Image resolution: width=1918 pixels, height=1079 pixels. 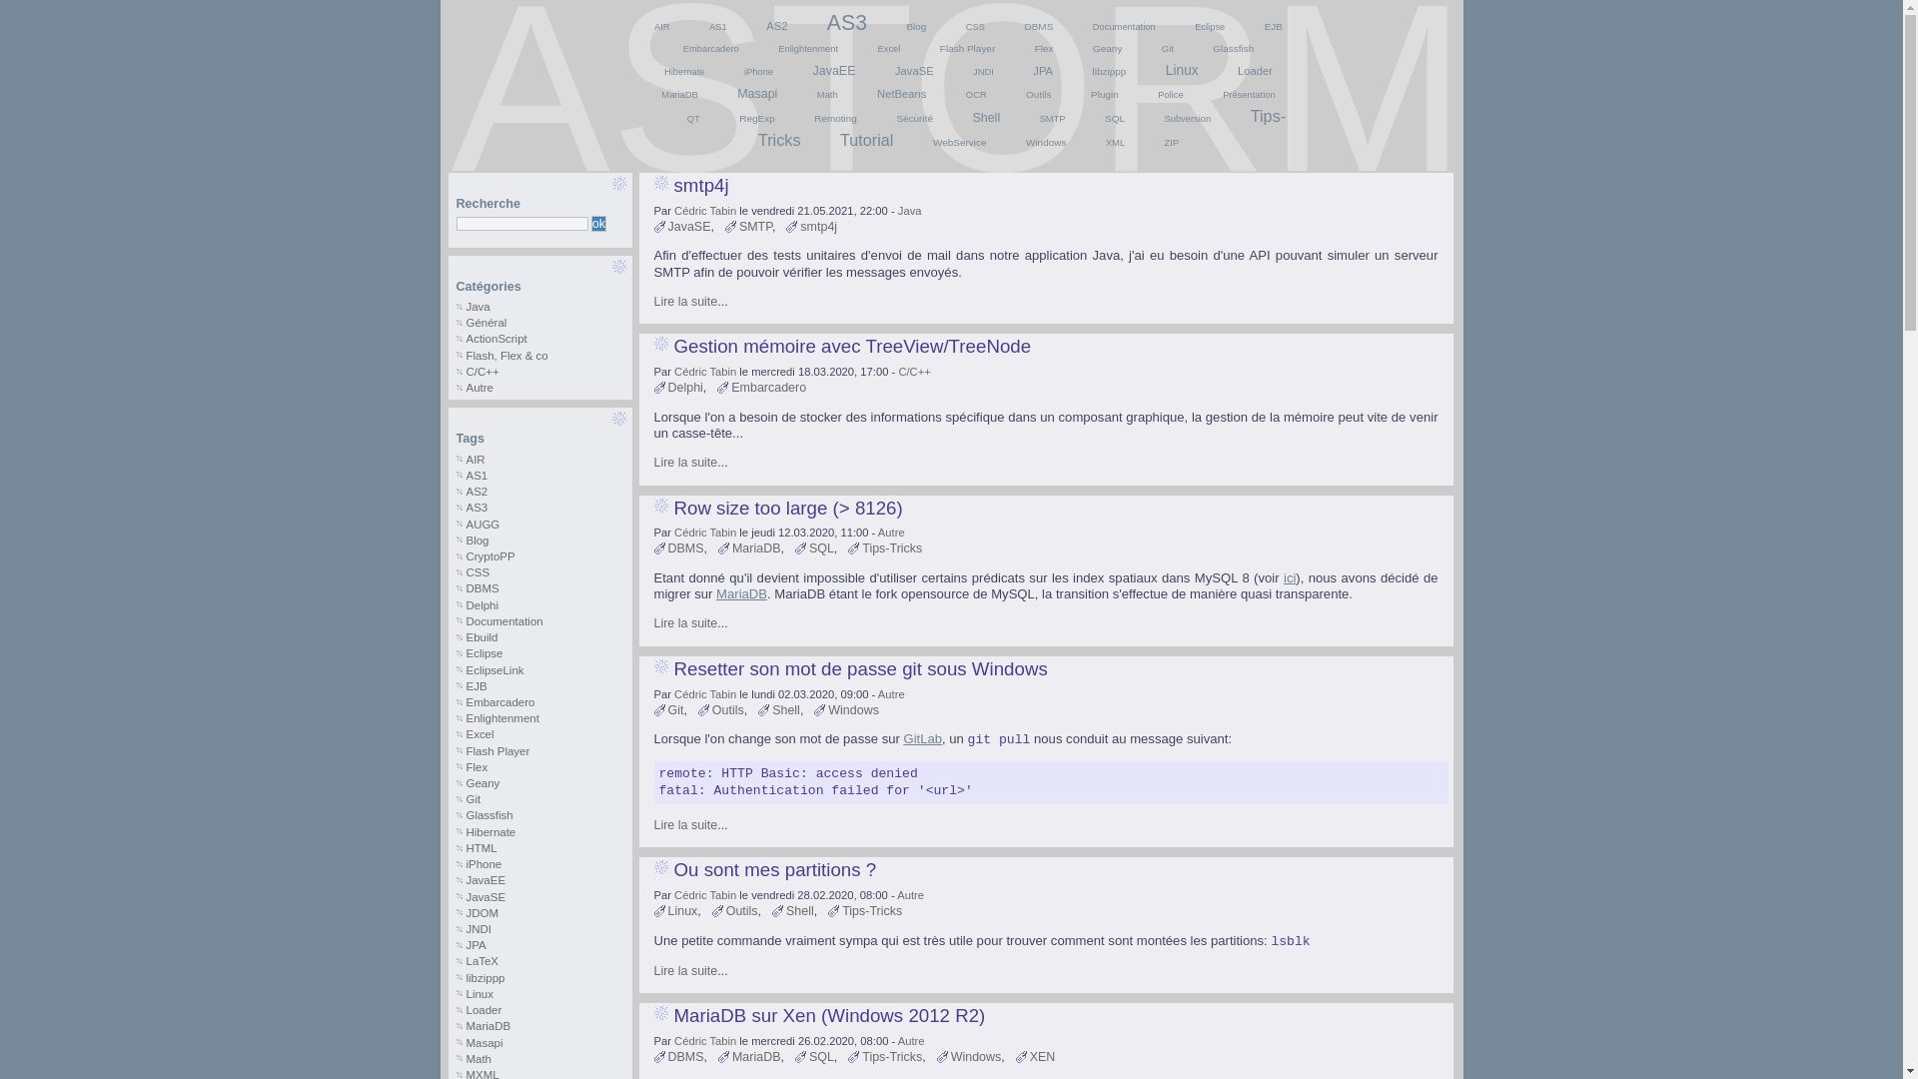 What do you see at coordinates (464, 977) in the screenshot?
I see `'libzippp'` at bounding box center [464, 977].